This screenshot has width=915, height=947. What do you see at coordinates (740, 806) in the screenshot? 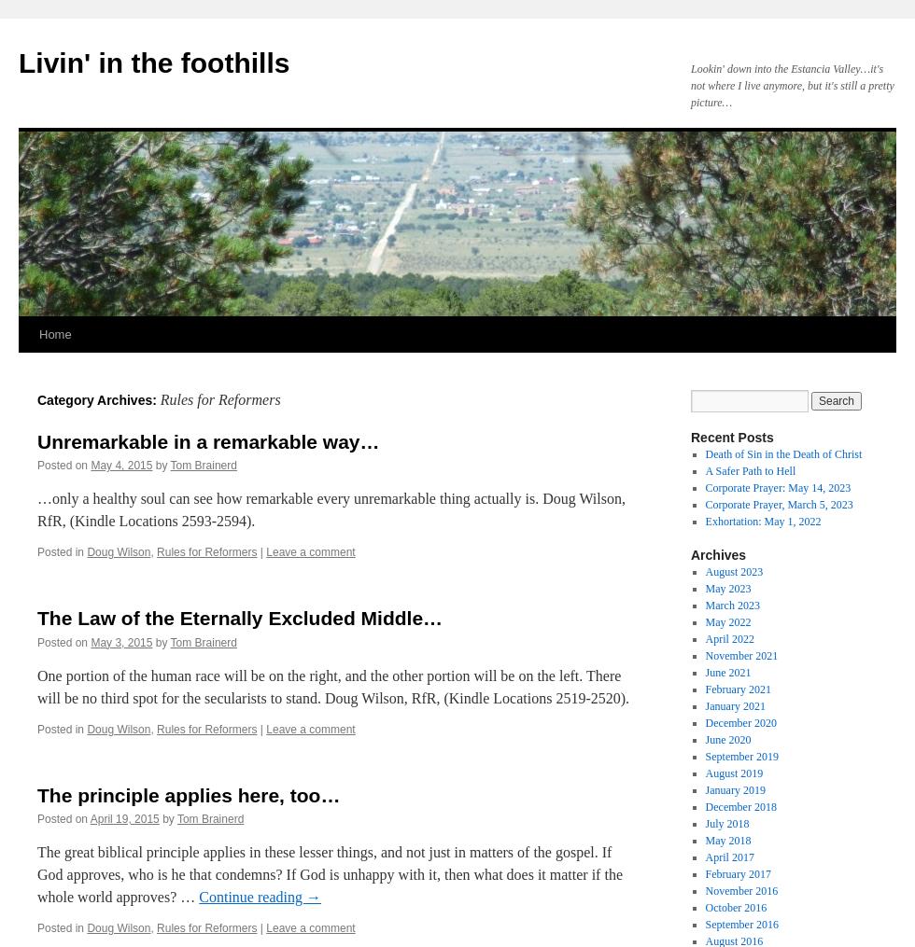
I see `'December 2018'` at bounding box center [740, 806].